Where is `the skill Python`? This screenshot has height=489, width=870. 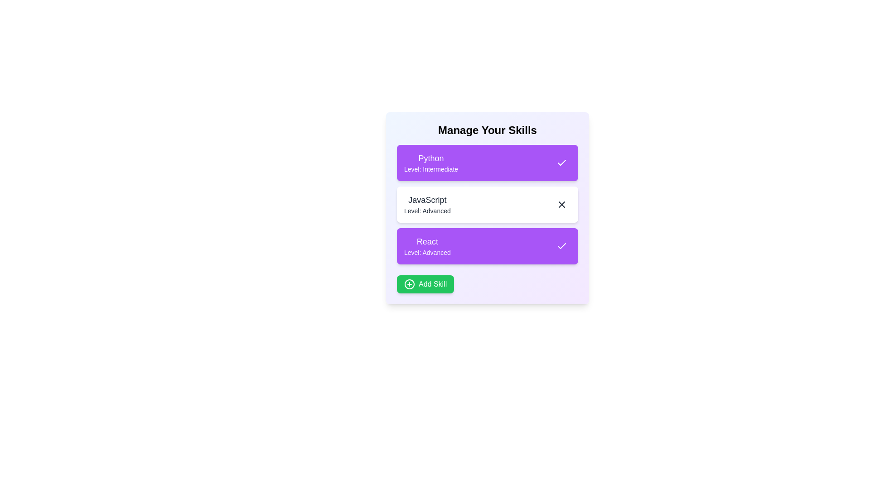
the skill Python is located at coordinates (561, 162).